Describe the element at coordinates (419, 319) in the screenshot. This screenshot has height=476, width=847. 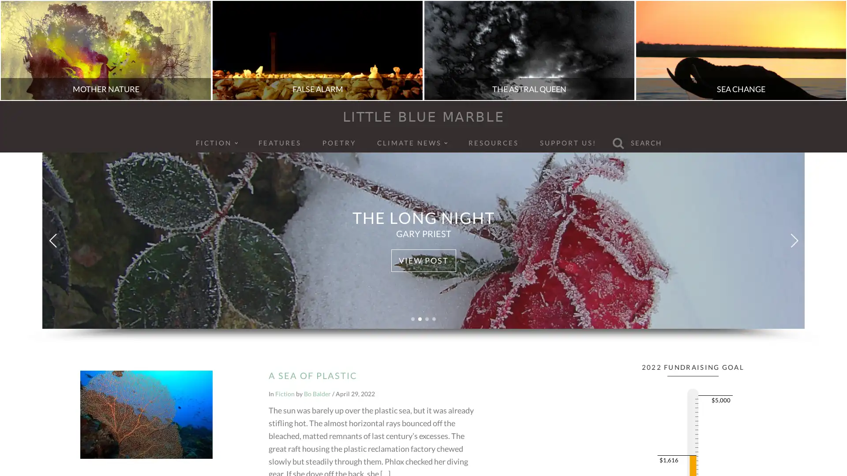
I see `Go to slide 2` at that location.